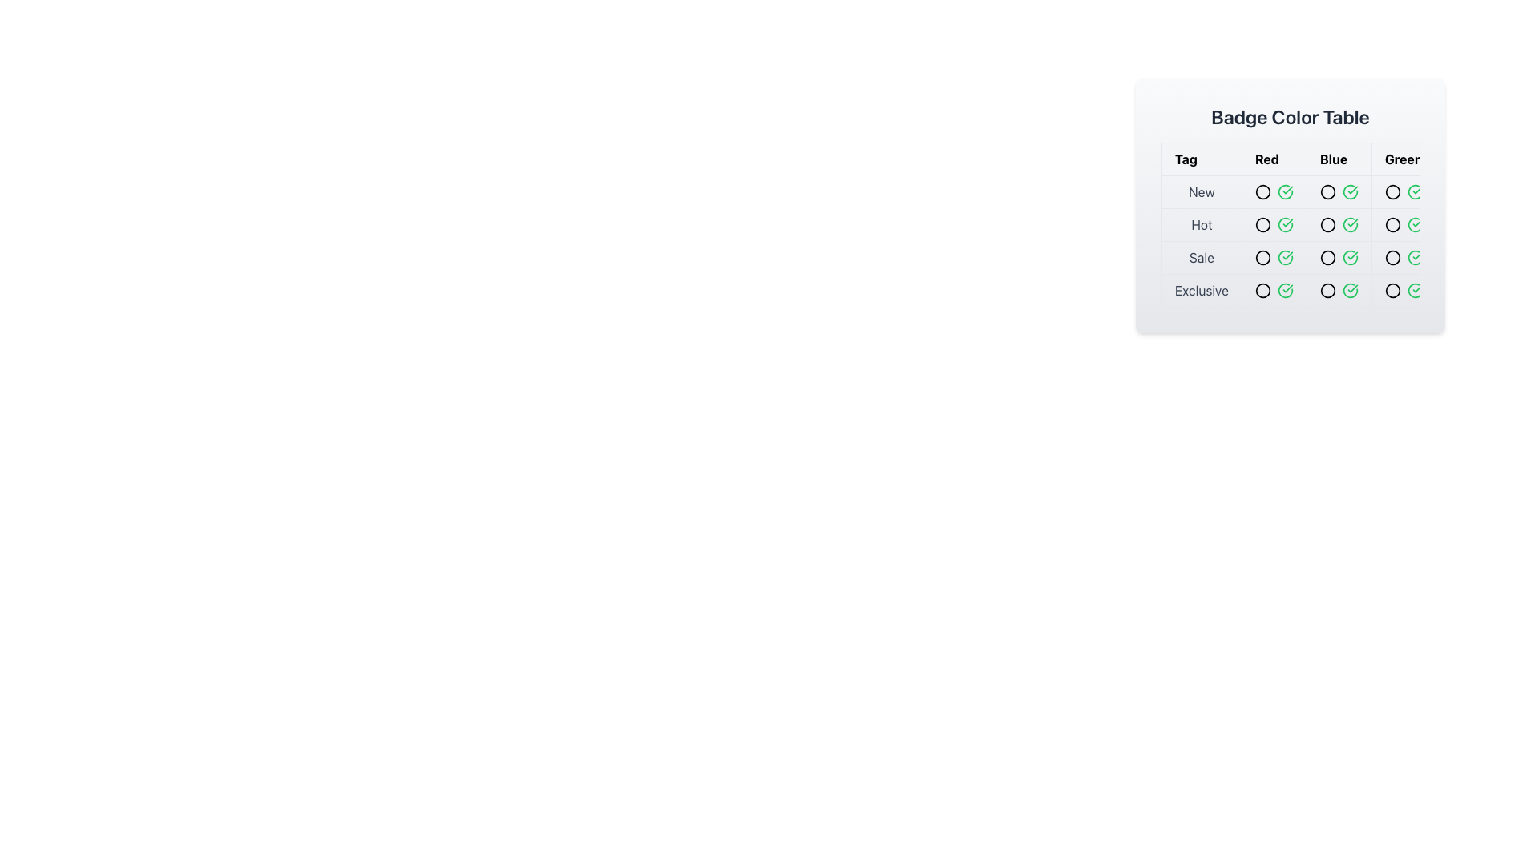  What do you see at coordinates (1327, 290) in the screenshot?
I see `the circular icon with a blue stroke and hollow center located in the fourth row and second column of the 'Badge Color Table'` at bounding box center [1327, 290].